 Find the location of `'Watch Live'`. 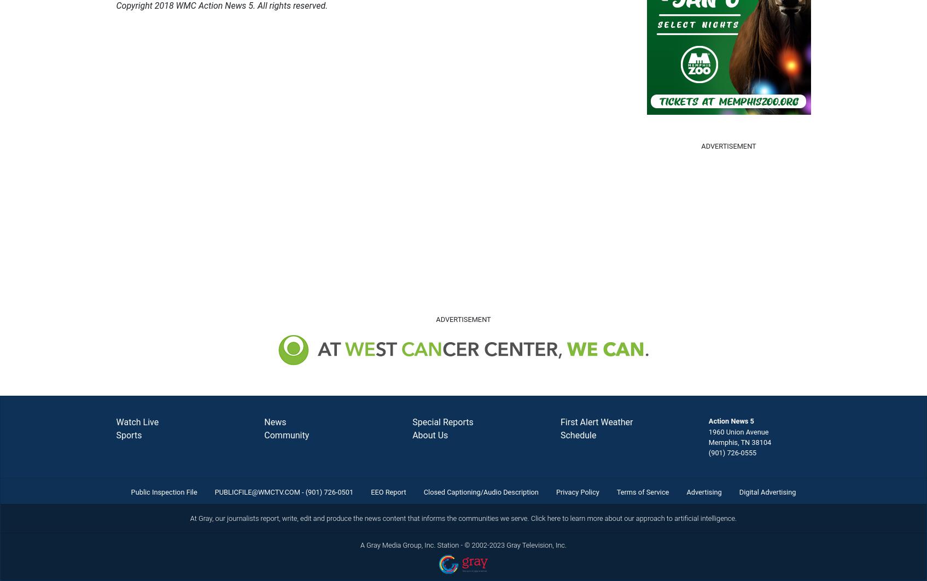

'Watch Live' is located at coordinates (137, 421).